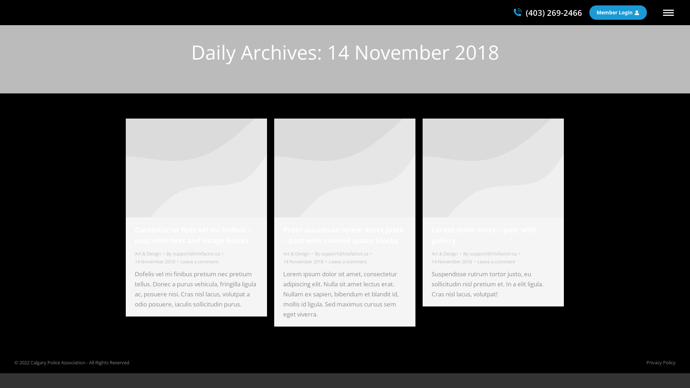  I want to click on 'By support@trixfactor.ca', so click(195, 253).